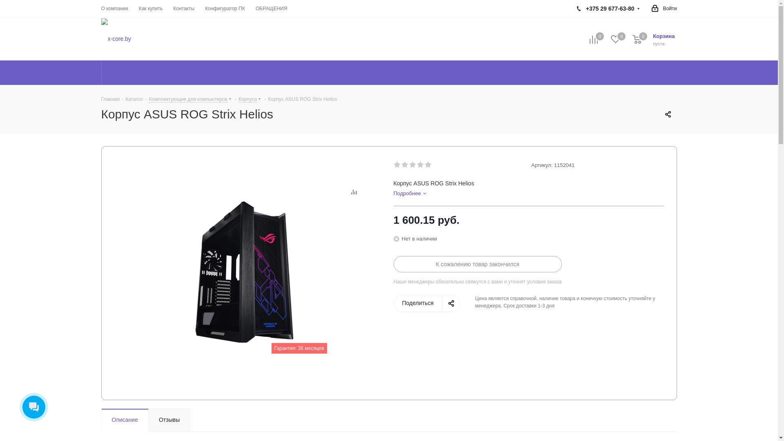 This screenshot has width=784, height=441. Describe the element at coordinates (405, 165) in the screenshot. I see `'2'` at that location.